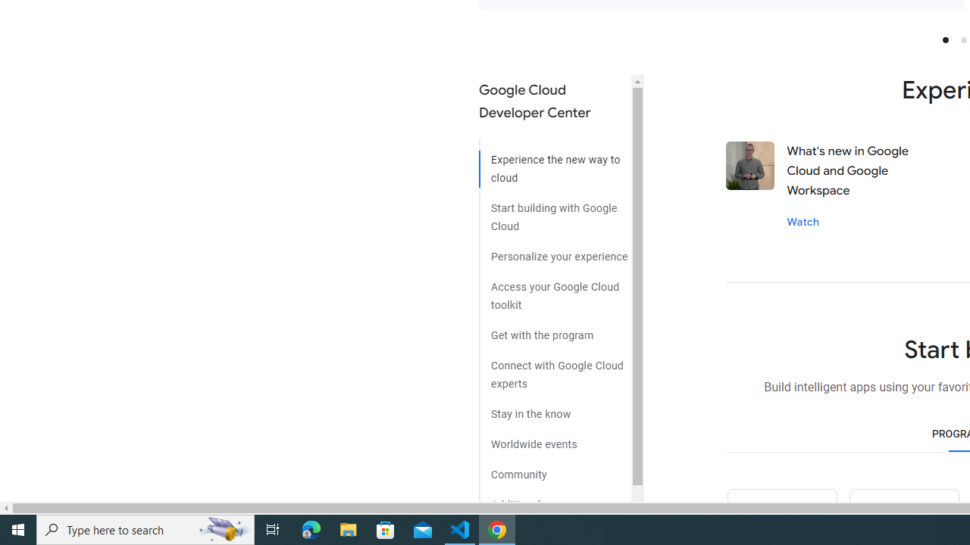 This screenshot has height=545, width=970. I want to click on 'Personalize your experience', so click(554, 250).